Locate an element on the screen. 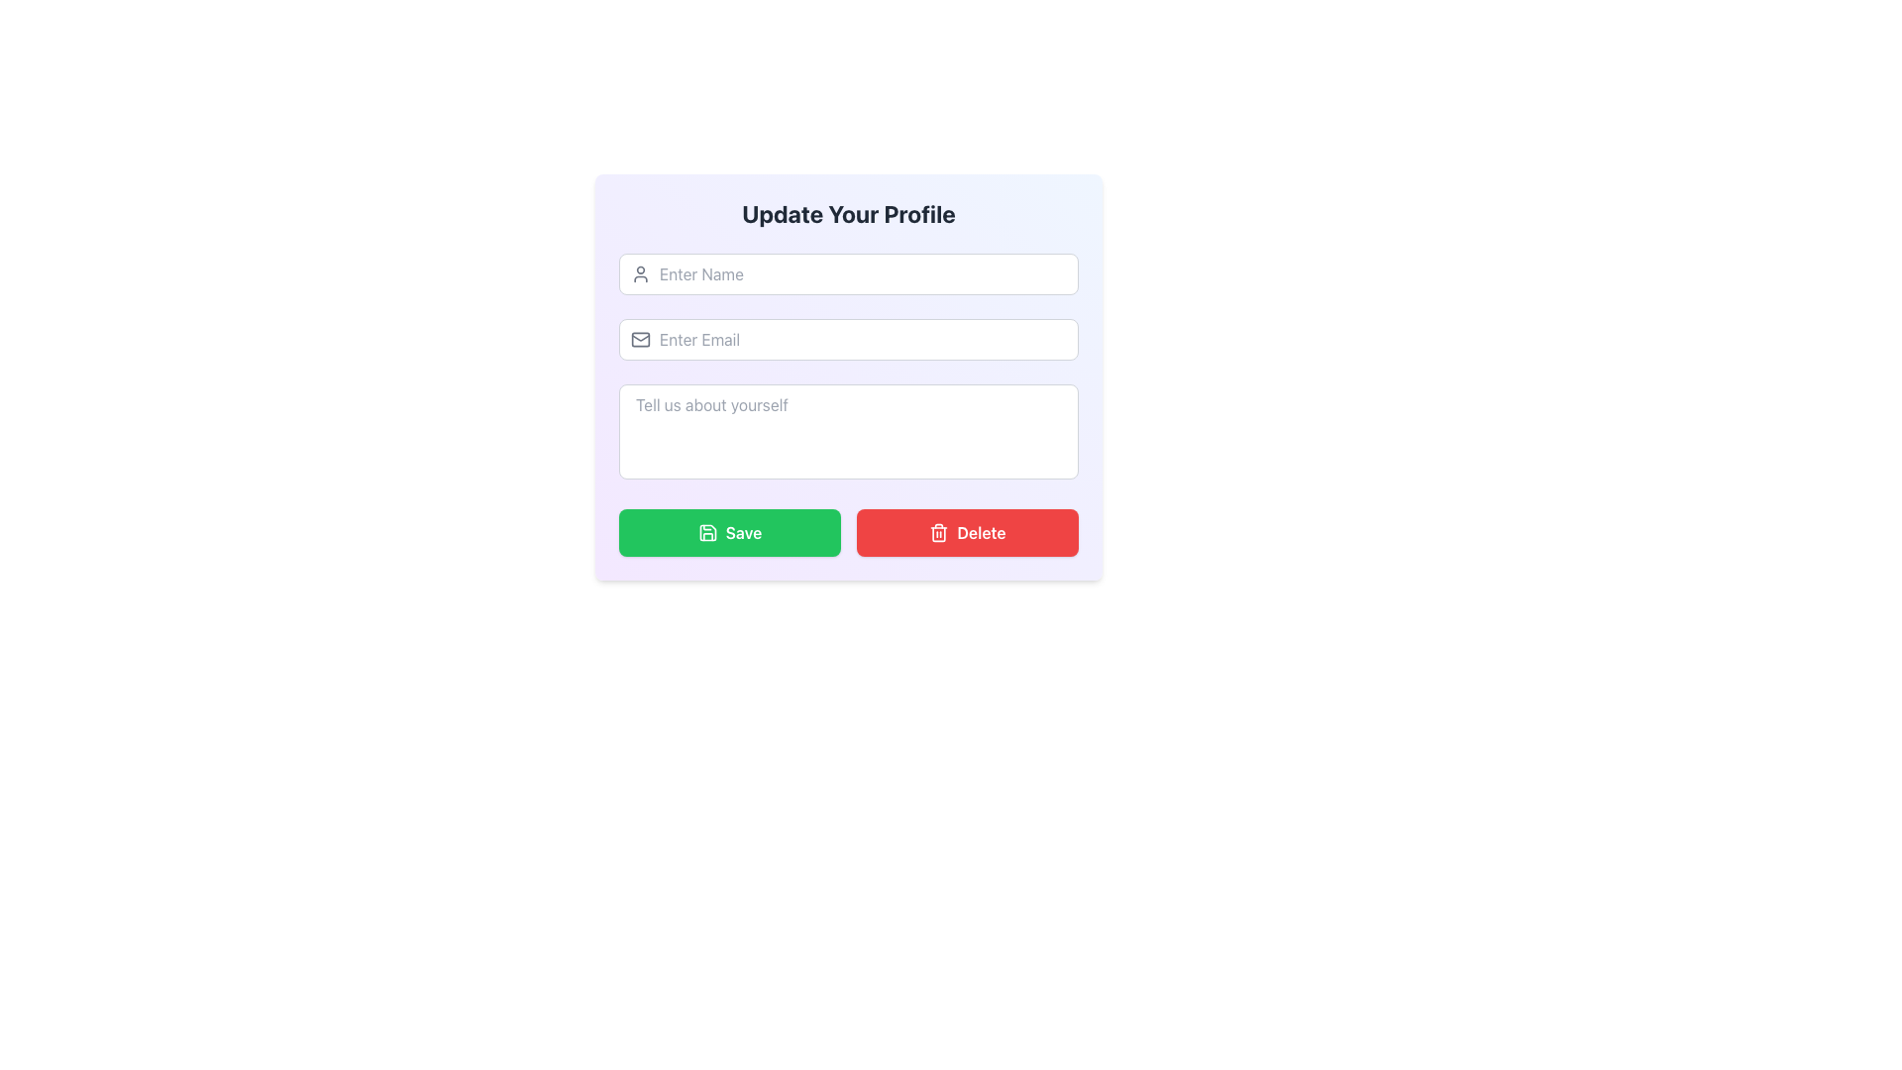 The width and height of the screenshot is (1902, 1070). the trash bin icon located on the right side of the interface, adjacent to the 'Delete' button is located at coordinates (938, 533).